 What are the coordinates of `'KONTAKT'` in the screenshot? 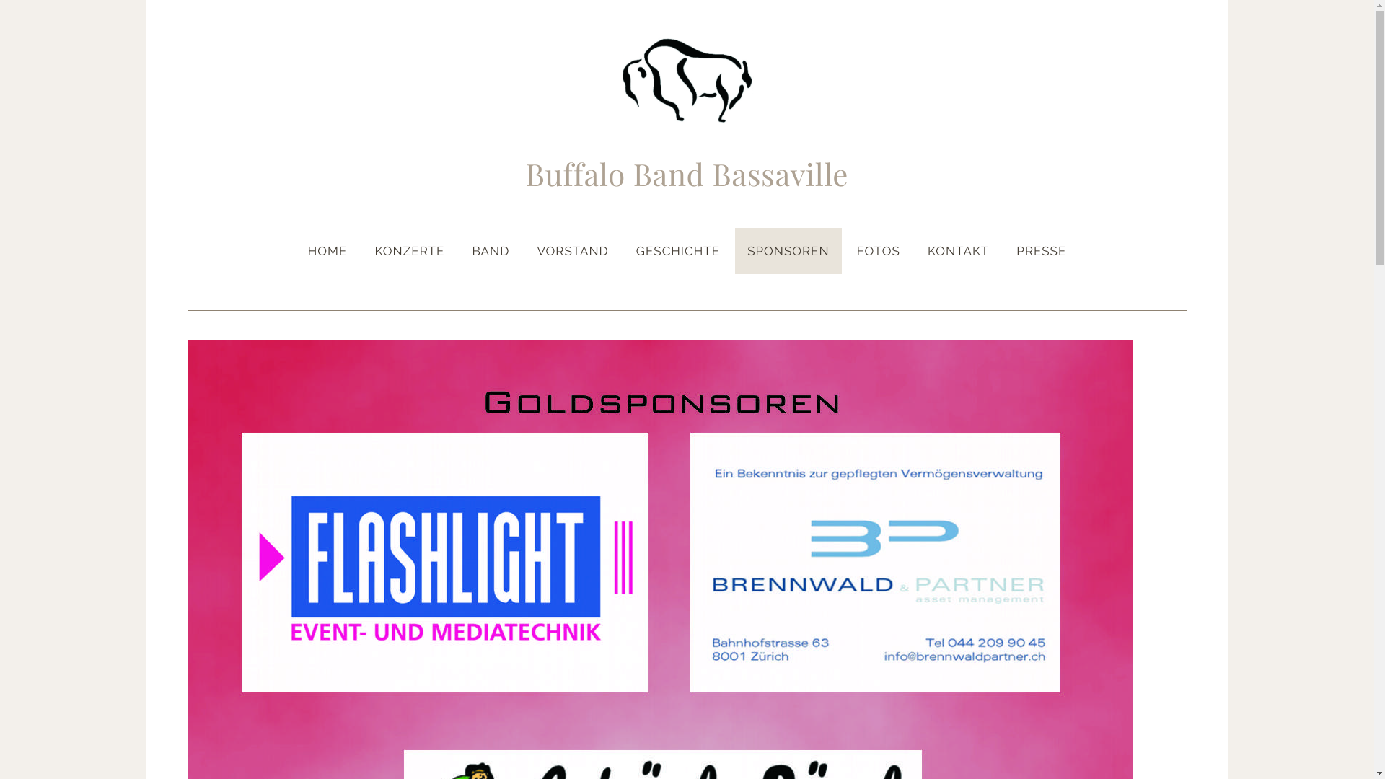 It's located at (958, 250).